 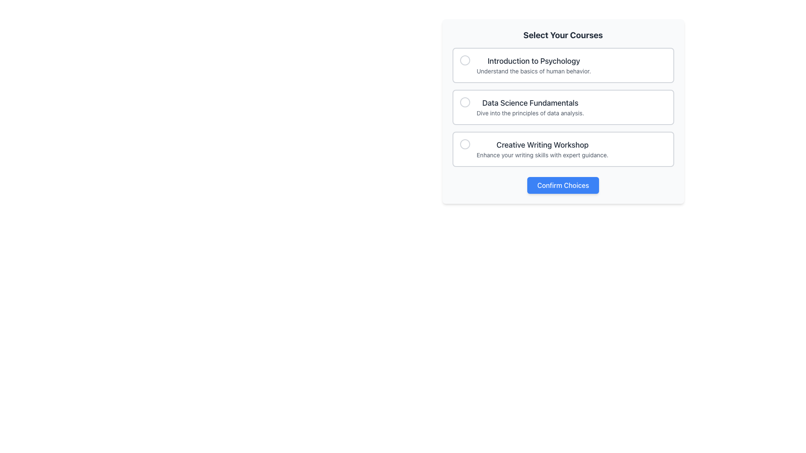 I want to click on the circle, so click(x=563, y=148).